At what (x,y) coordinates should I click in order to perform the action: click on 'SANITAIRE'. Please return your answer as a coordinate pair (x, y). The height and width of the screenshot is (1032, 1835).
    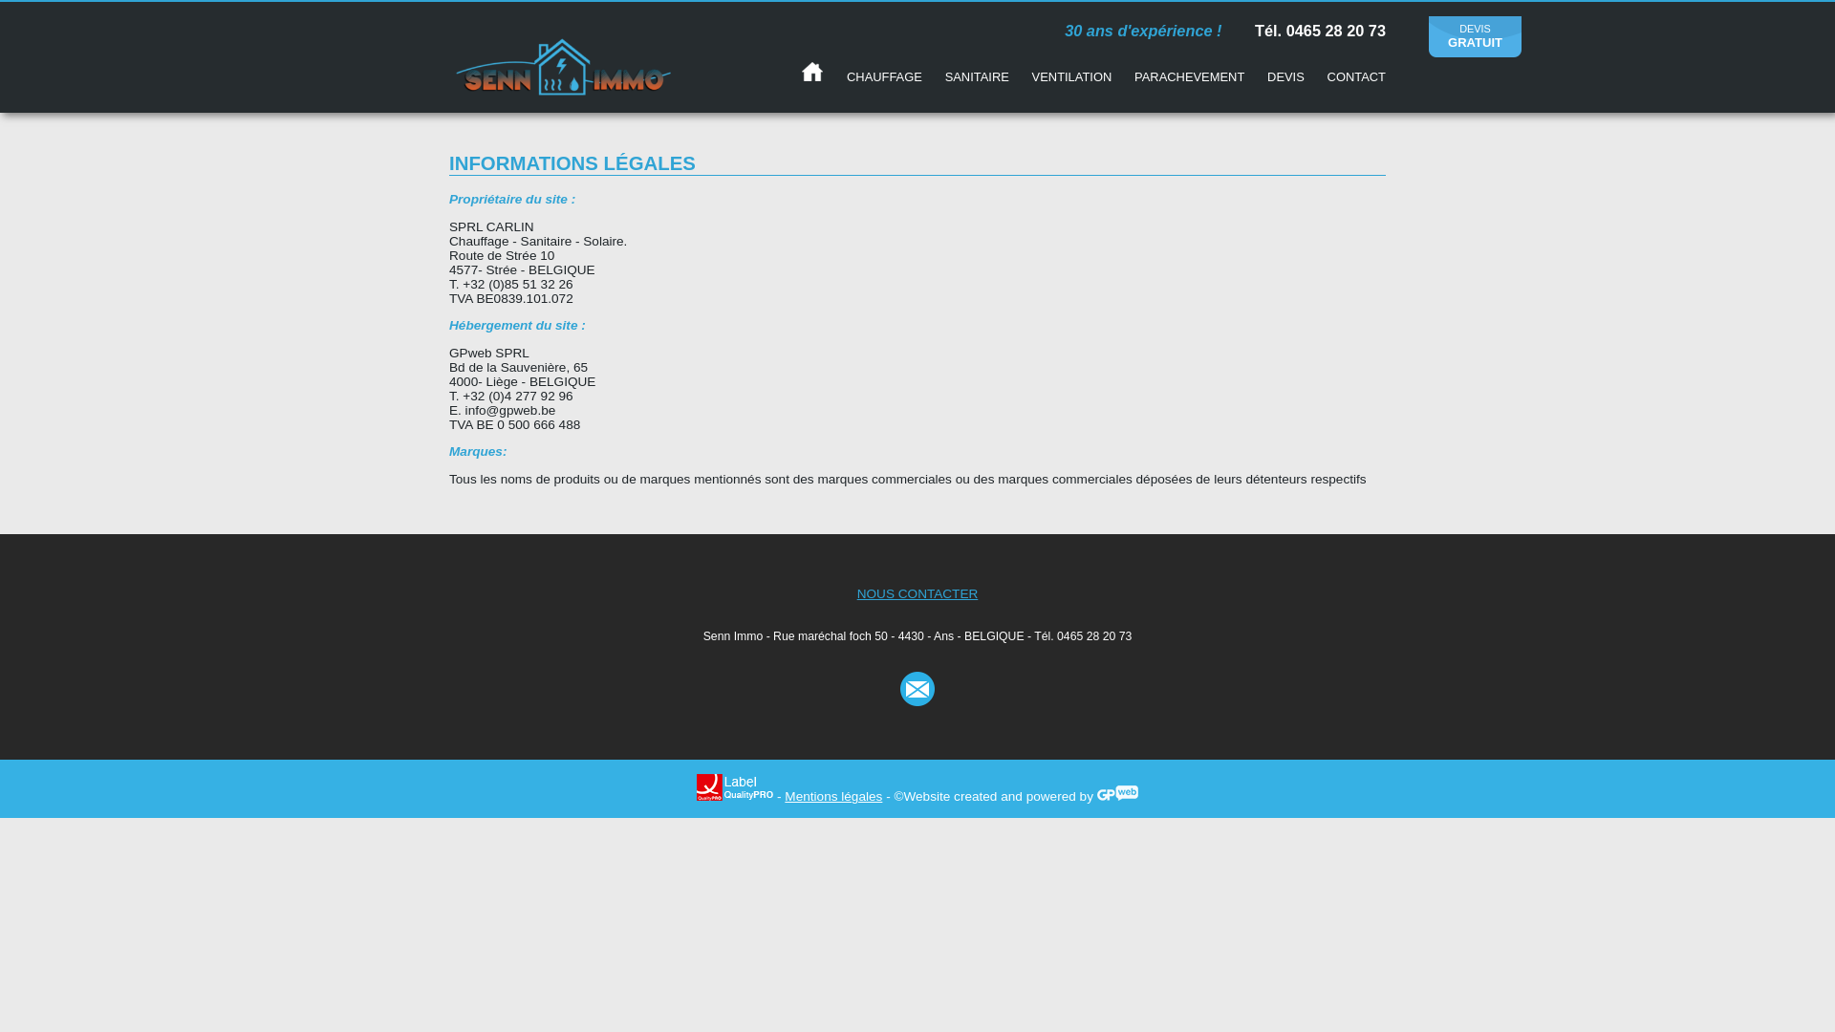
    Looking at the image, I should click on (977, 75).